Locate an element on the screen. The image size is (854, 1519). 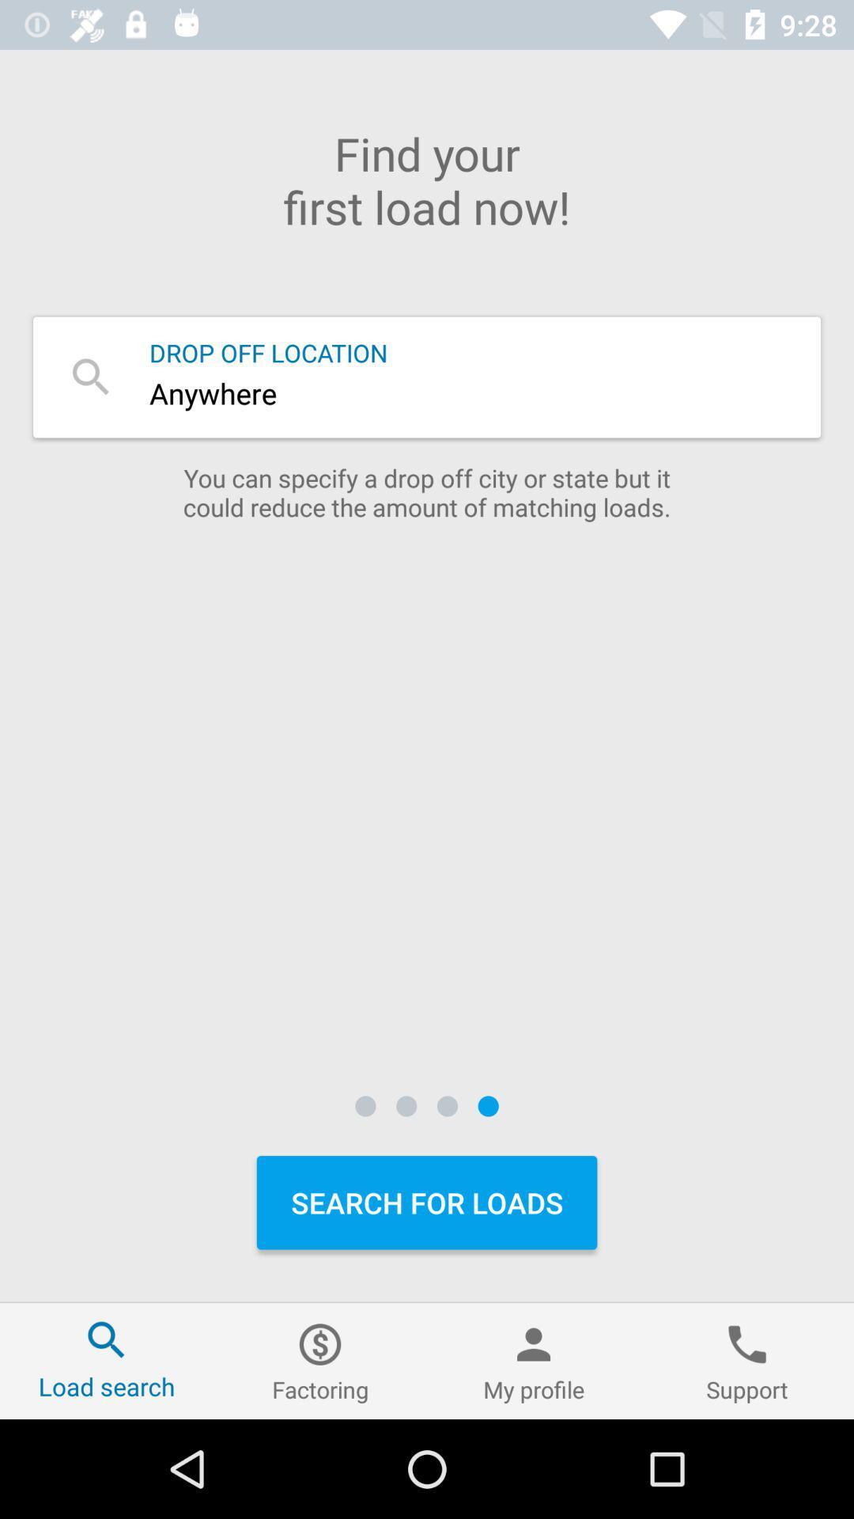
the text search at the middle of the page is located at coordinates (427, 376).